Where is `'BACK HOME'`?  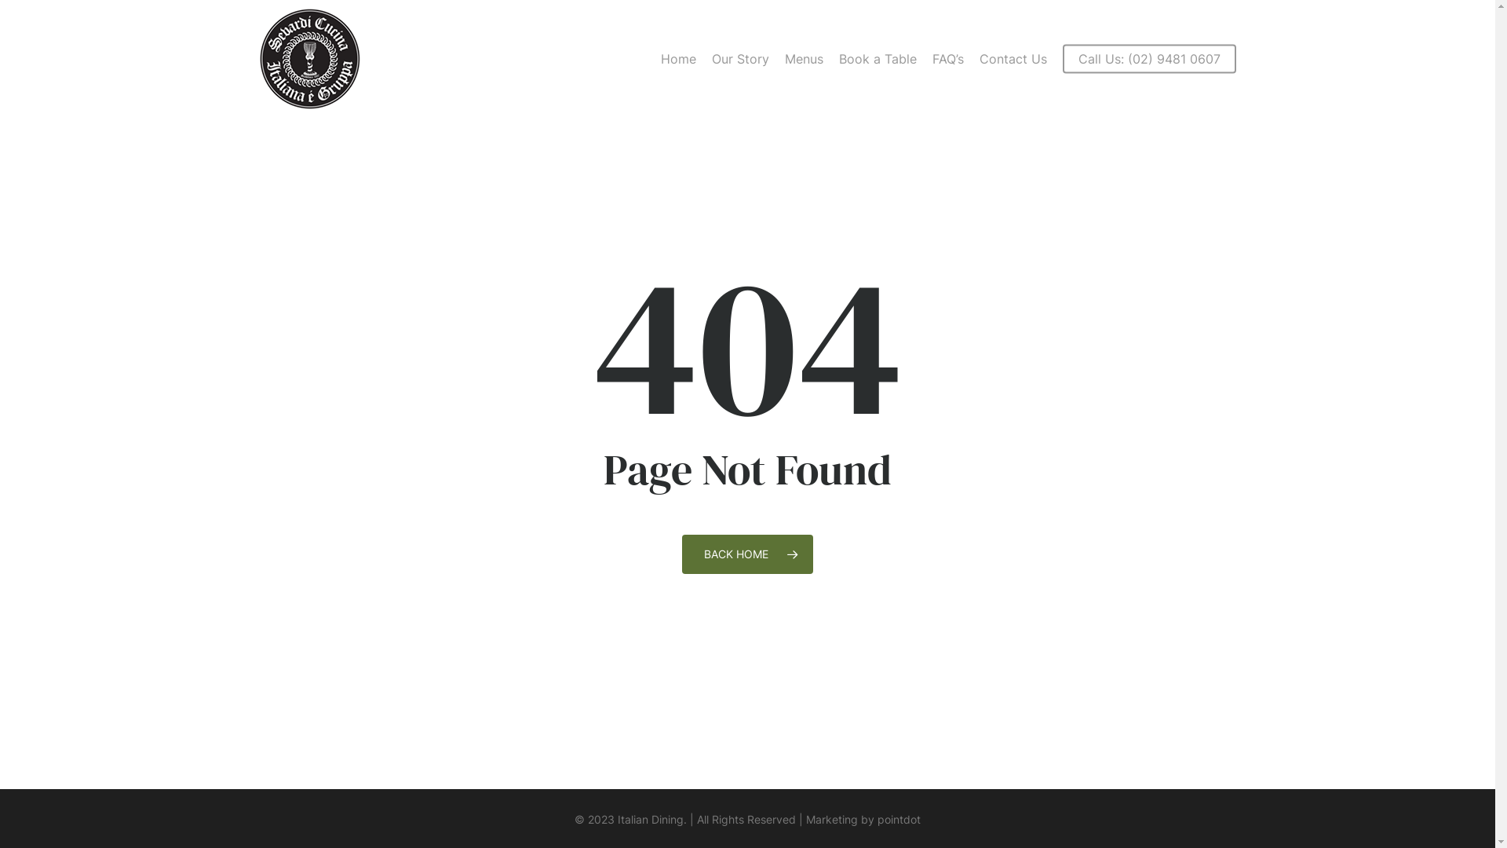
'BACK HOME' is located at coordinates (746, 553).